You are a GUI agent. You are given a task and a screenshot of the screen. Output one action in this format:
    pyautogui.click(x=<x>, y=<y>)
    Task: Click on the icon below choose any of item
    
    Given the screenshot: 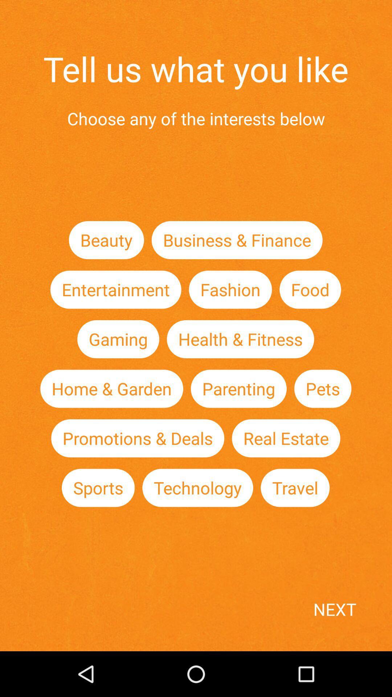 What is the action you would take?
    pyautogui.click(x=106, y=240)
    